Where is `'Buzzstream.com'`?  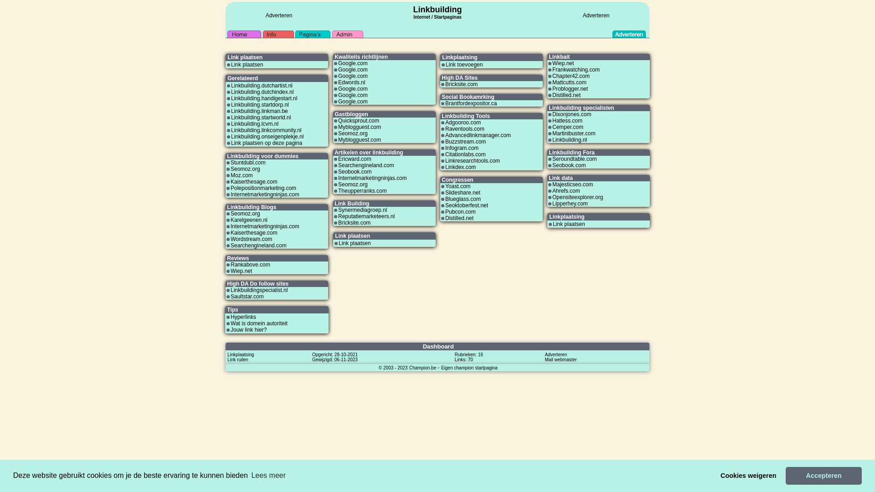
'Buzzstream.com' is located at coordinates (465, 142).